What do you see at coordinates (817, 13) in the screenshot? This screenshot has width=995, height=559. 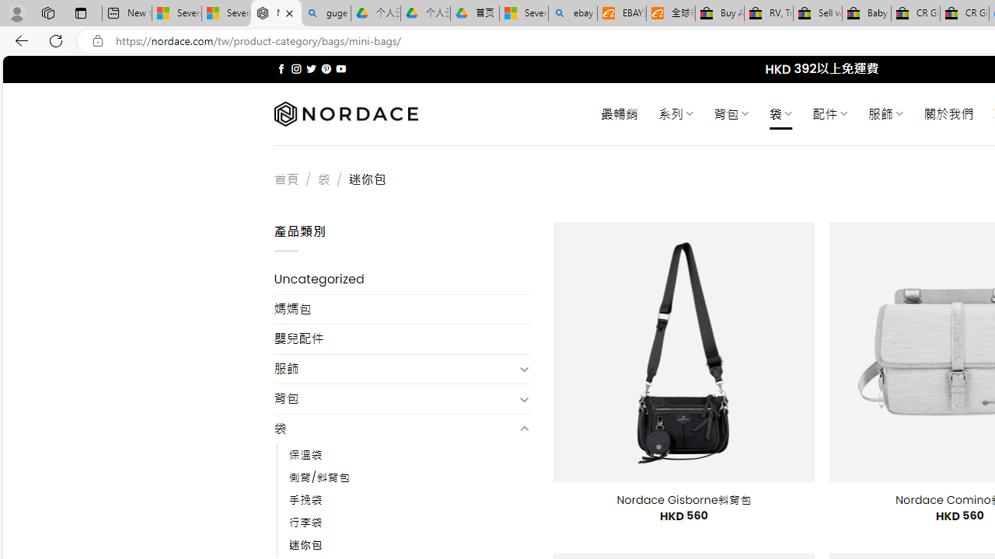 I see `'Sell worldwide with eBay'` at bounding box center [817, 13].